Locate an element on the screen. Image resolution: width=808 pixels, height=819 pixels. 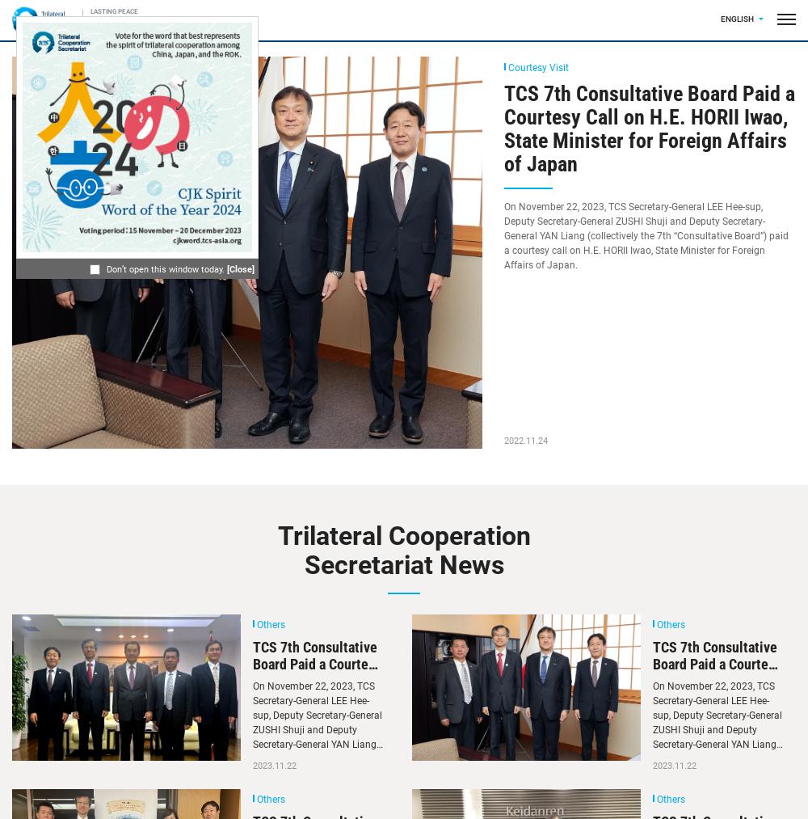
'[Close]' is located at coordinates (241, 269).